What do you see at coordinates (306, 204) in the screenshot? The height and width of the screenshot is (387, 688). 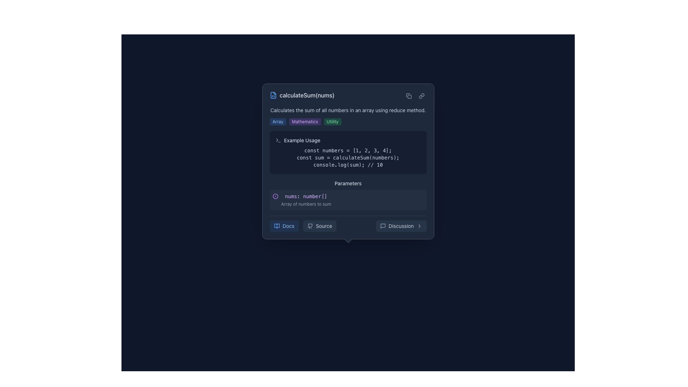 I see `text description located directly below the 'nums: number[]' parameter type specification in the 'Parameters' section of the function documentation panel to understand the expected input for the 'nums' parameter` at bounding box center [306, 204].